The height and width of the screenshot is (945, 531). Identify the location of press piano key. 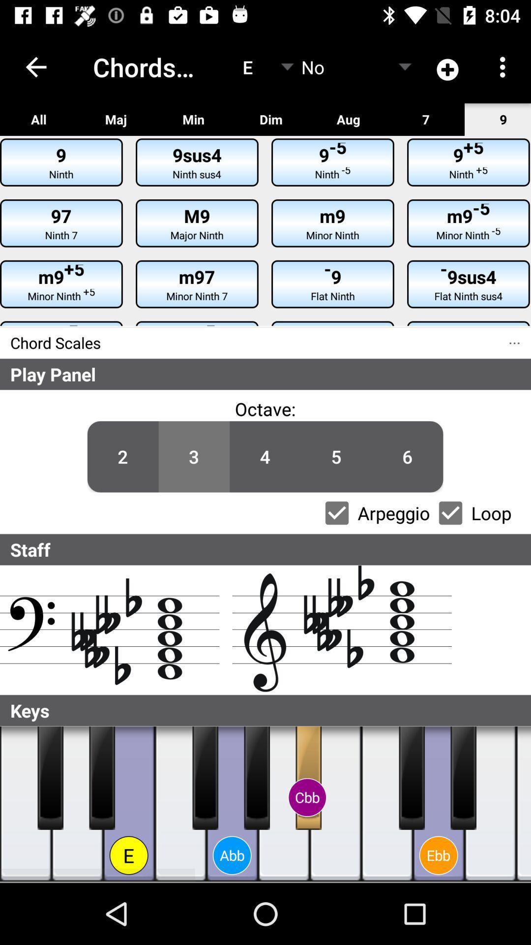
(256, 777).